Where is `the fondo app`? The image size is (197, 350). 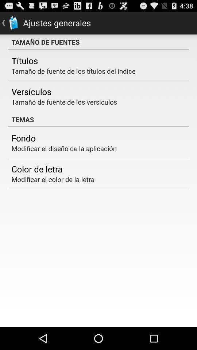
the fondo app is located at coordinates (23, 137).